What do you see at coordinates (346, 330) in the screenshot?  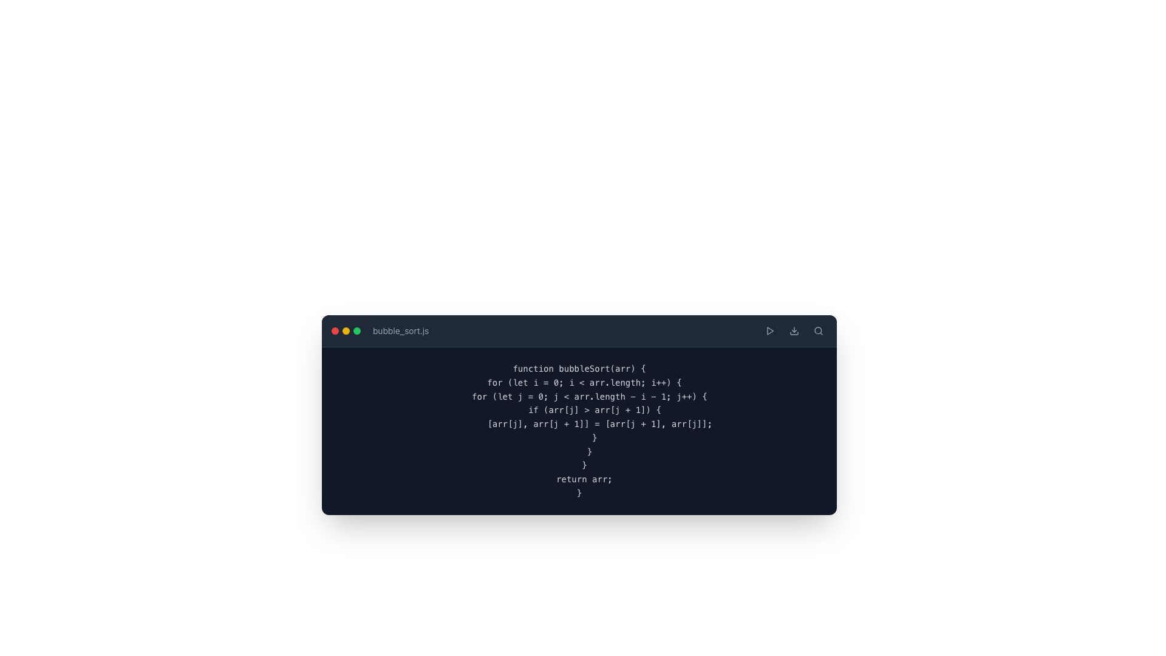 I see `the yellow circle icon in the grouped interactive icons located at the top-left corner of the window to minimize the window` at bounding box center [346, 330].